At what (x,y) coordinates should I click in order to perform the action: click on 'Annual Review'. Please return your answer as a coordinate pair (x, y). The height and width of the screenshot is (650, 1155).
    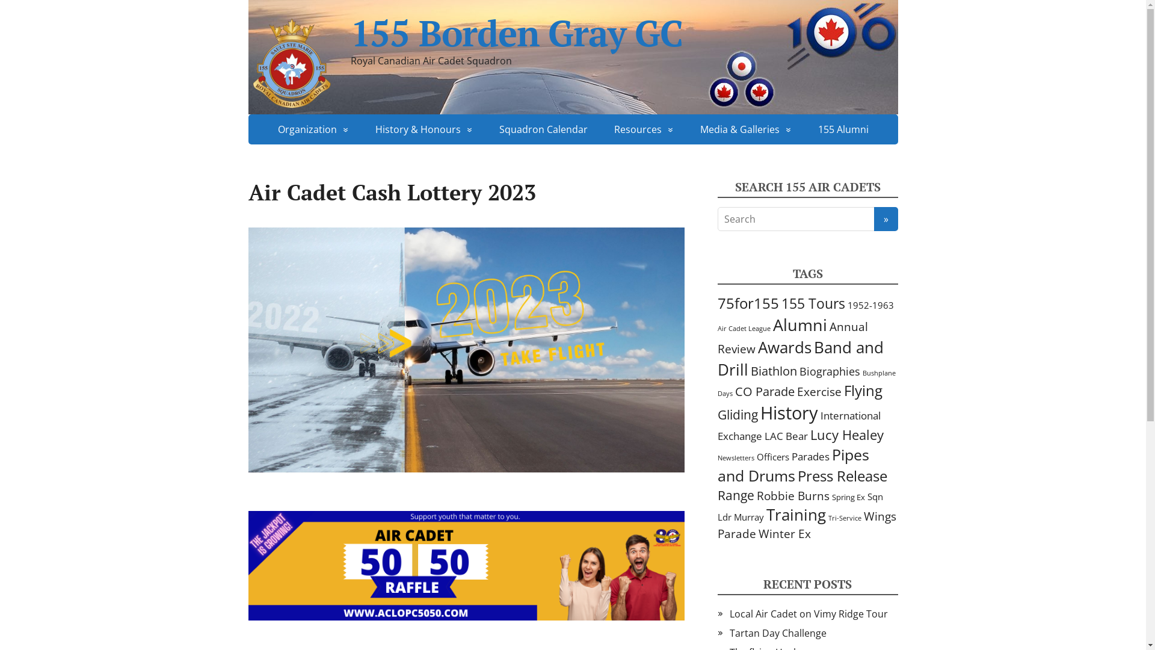
    Looking at the image, I should click on (792, 337).